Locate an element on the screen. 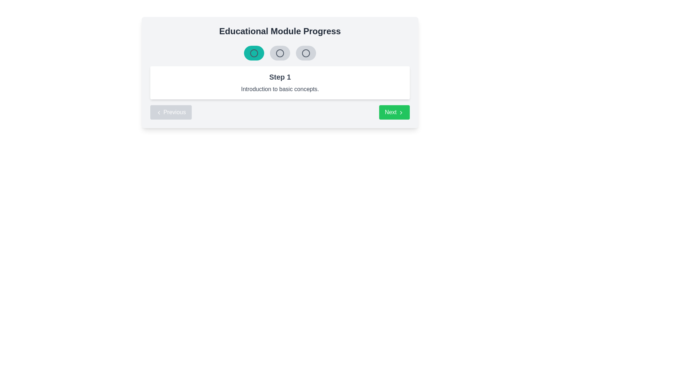  the circular Progress indicator button with a light gray background and dark gray border, which is the second button in a row of three at the top center of the interface is located at coordinates (280, 52).